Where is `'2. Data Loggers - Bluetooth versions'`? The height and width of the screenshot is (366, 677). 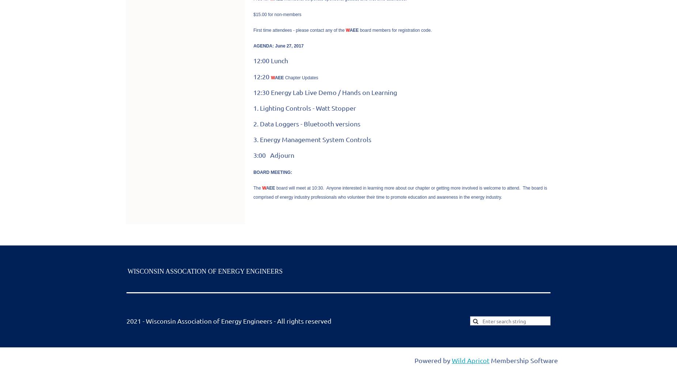 '2. Data Loggers - Bluetooth versions' is located at coordinates (307, 123).